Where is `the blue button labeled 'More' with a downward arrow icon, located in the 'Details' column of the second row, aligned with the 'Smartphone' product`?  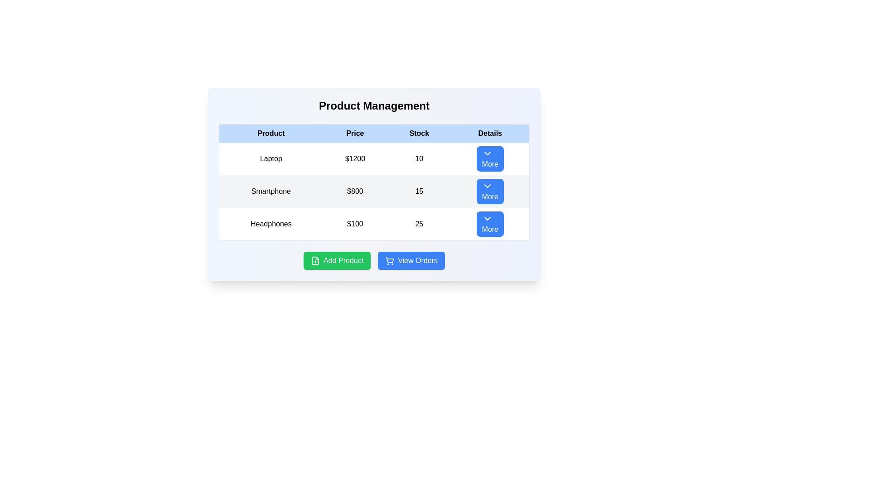
the blue button labeled 'More' with a downward arrow icon, located in the 'Details' column of the second row, aligned with the 'Smartphone' product is located at coordinates (489, 191).